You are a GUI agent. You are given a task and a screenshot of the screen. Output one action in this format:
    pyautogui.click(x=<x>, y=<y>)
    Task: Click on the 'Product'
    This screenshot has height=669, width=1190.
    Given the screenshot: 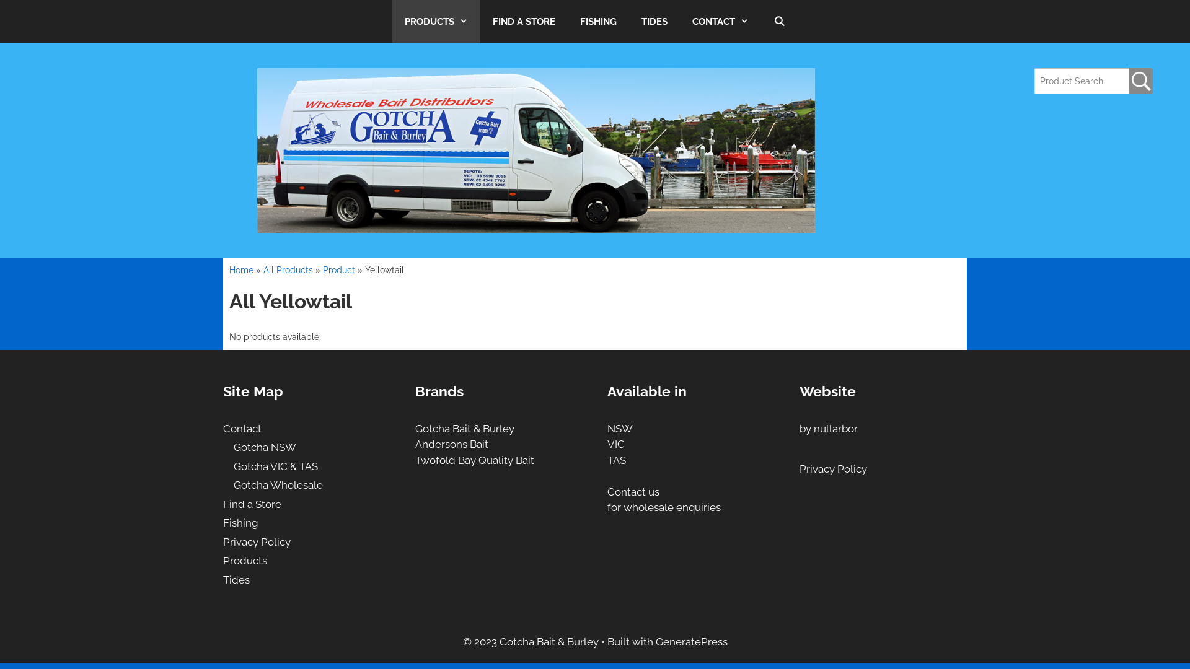 What is the action you would take?
    pyautogui.click(x=339, y=269)
    